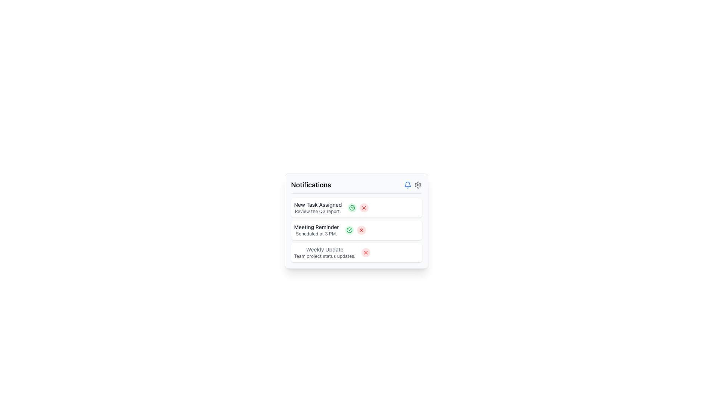  What do you see at coordinates (407, 185) in the screenshot?
I see `the notification bell icon, which is located on the left side of a group of icons` at bounding box center [407, 185].